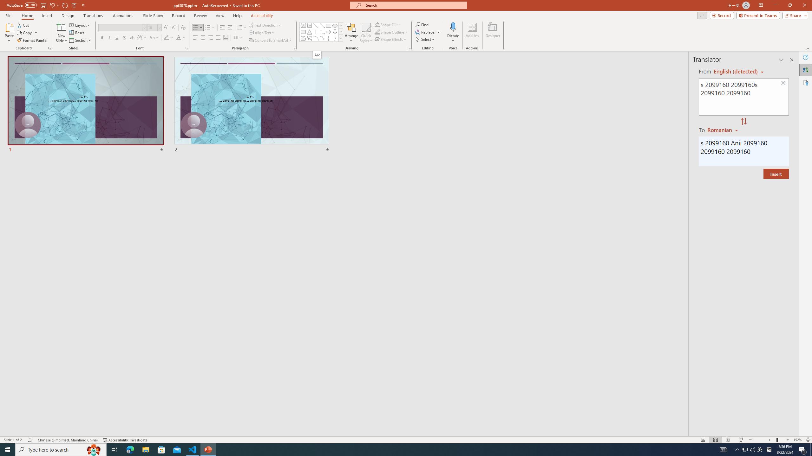 The image size is (812, 456). Describe the element at coordinates (303, 25) in the screenshot. I see `'Text Box'` at that location.